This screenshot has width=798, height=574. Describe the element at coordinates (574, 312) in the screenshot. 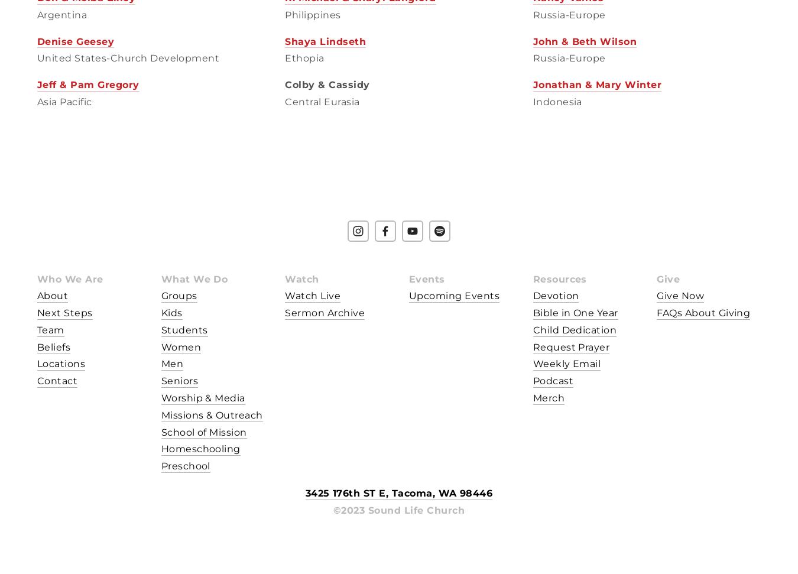

I see `'Bible in One Year'` at that location.